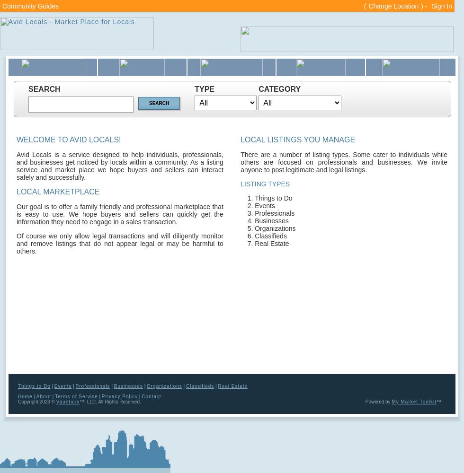  Describe the element at coordinates (425, 6) in the screenshot. I see `') -'` at that location.